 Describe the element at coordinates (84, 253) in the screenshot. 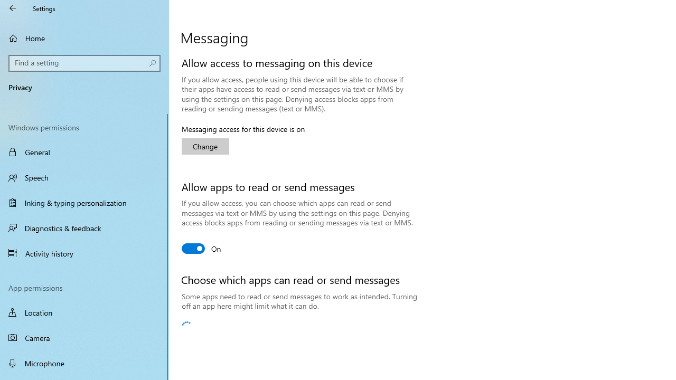

I see `'Activity history'` at that location.